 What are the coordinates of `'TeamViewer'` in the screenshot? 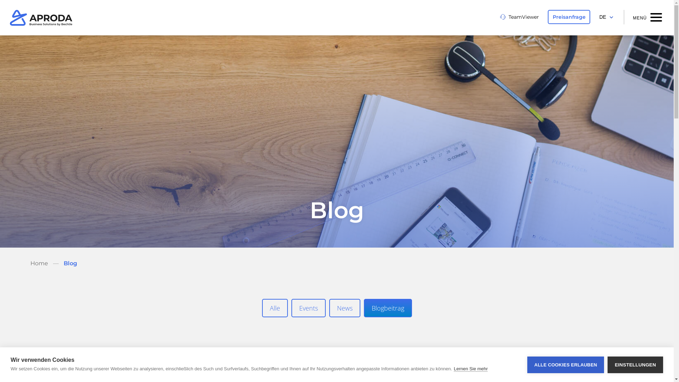 It's located at (519, 16).